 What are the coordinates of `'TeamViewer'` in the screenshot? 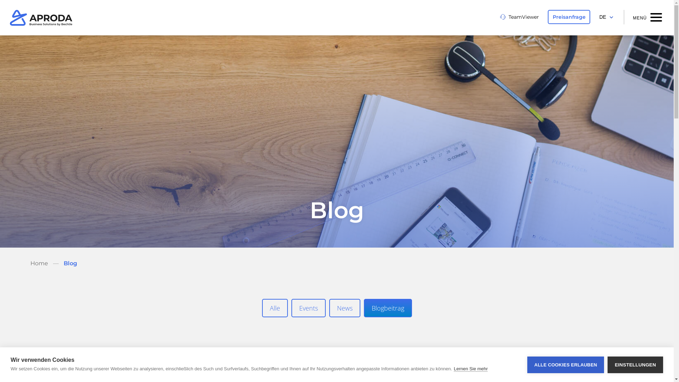 It's located at (519, 16).